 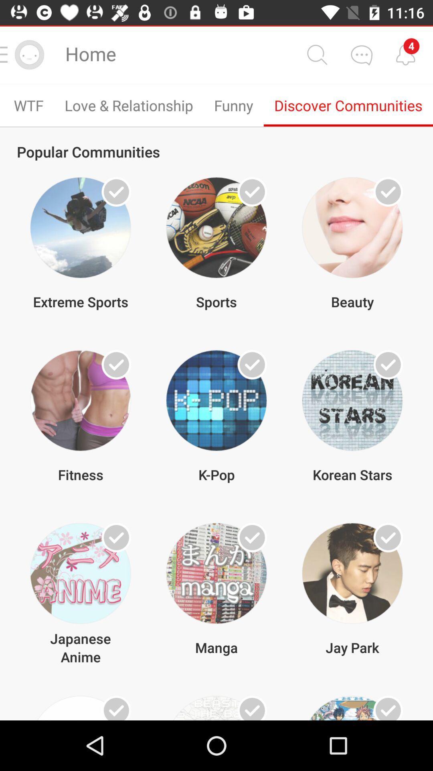 What do you see at coordinates (361, 54) in the screenshot?
I see `chat with support` at bounding box center [361, 54].